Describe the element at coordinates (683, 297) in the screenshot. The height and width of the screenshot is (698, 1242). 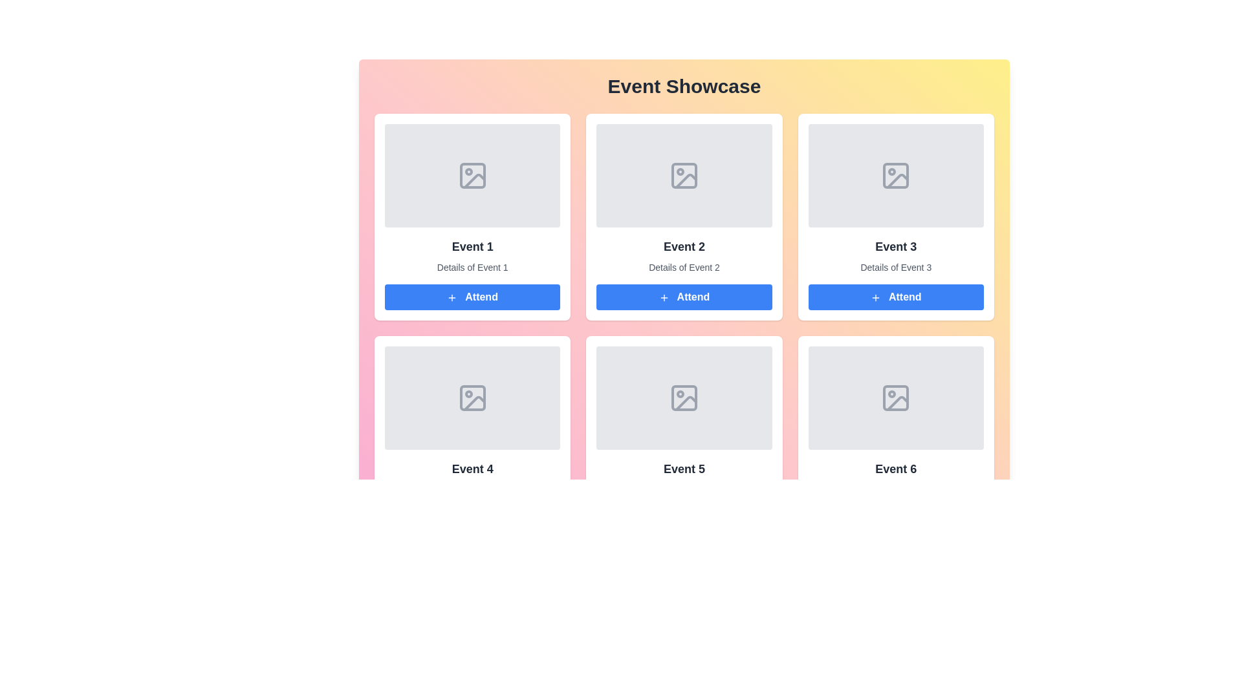
I see `the call-to-action button located at the bottom of the 'Event 2' card` at that location.